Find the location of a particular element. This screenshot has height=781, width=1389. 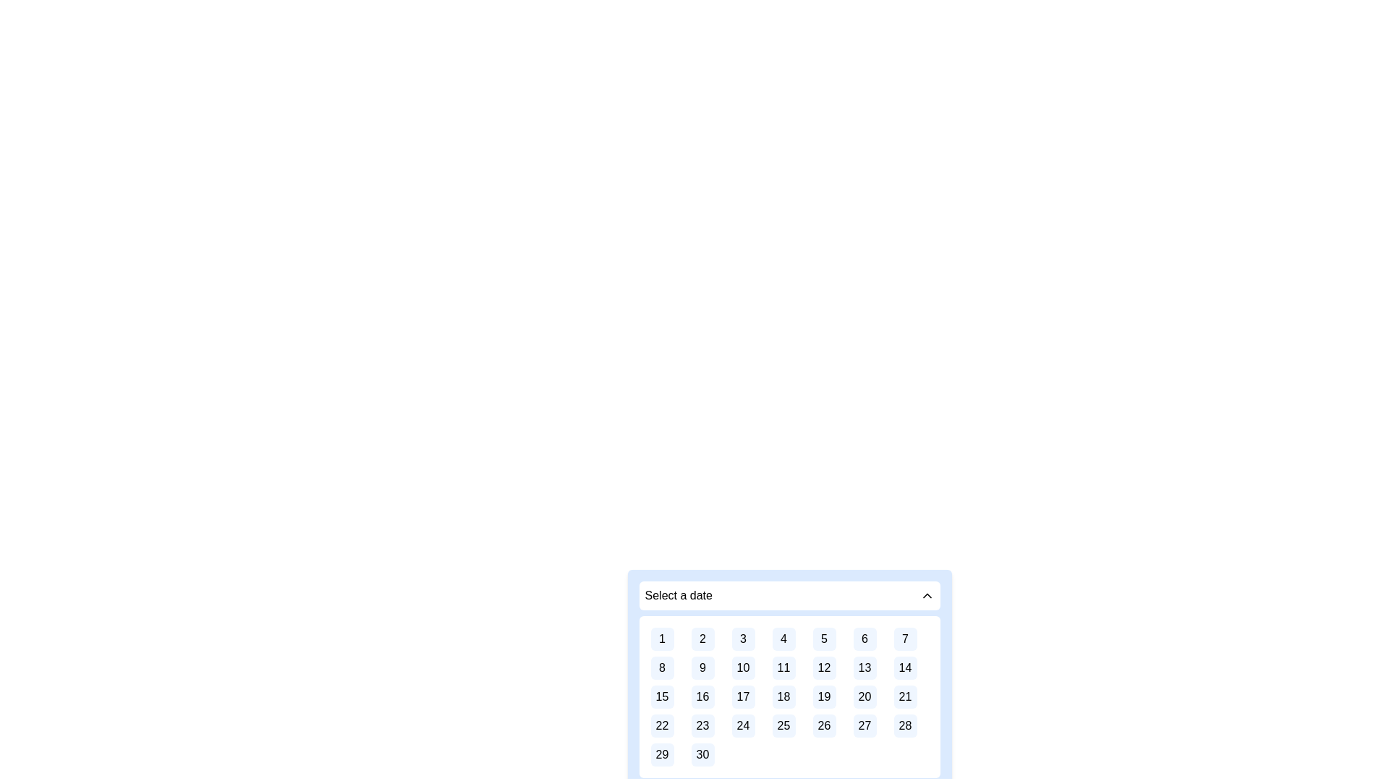

the button is located at coordinates (783, 638).